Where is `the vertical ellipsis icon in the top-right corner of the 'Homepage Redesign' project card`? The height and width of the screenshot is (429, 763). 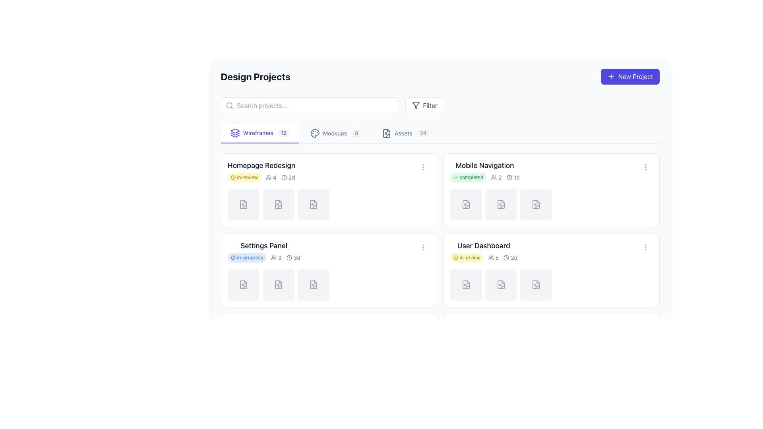 the vertical ellipsis icon in the top-right corner of the 'Homepage Redesign' project card is located at coordinates (422, 166).